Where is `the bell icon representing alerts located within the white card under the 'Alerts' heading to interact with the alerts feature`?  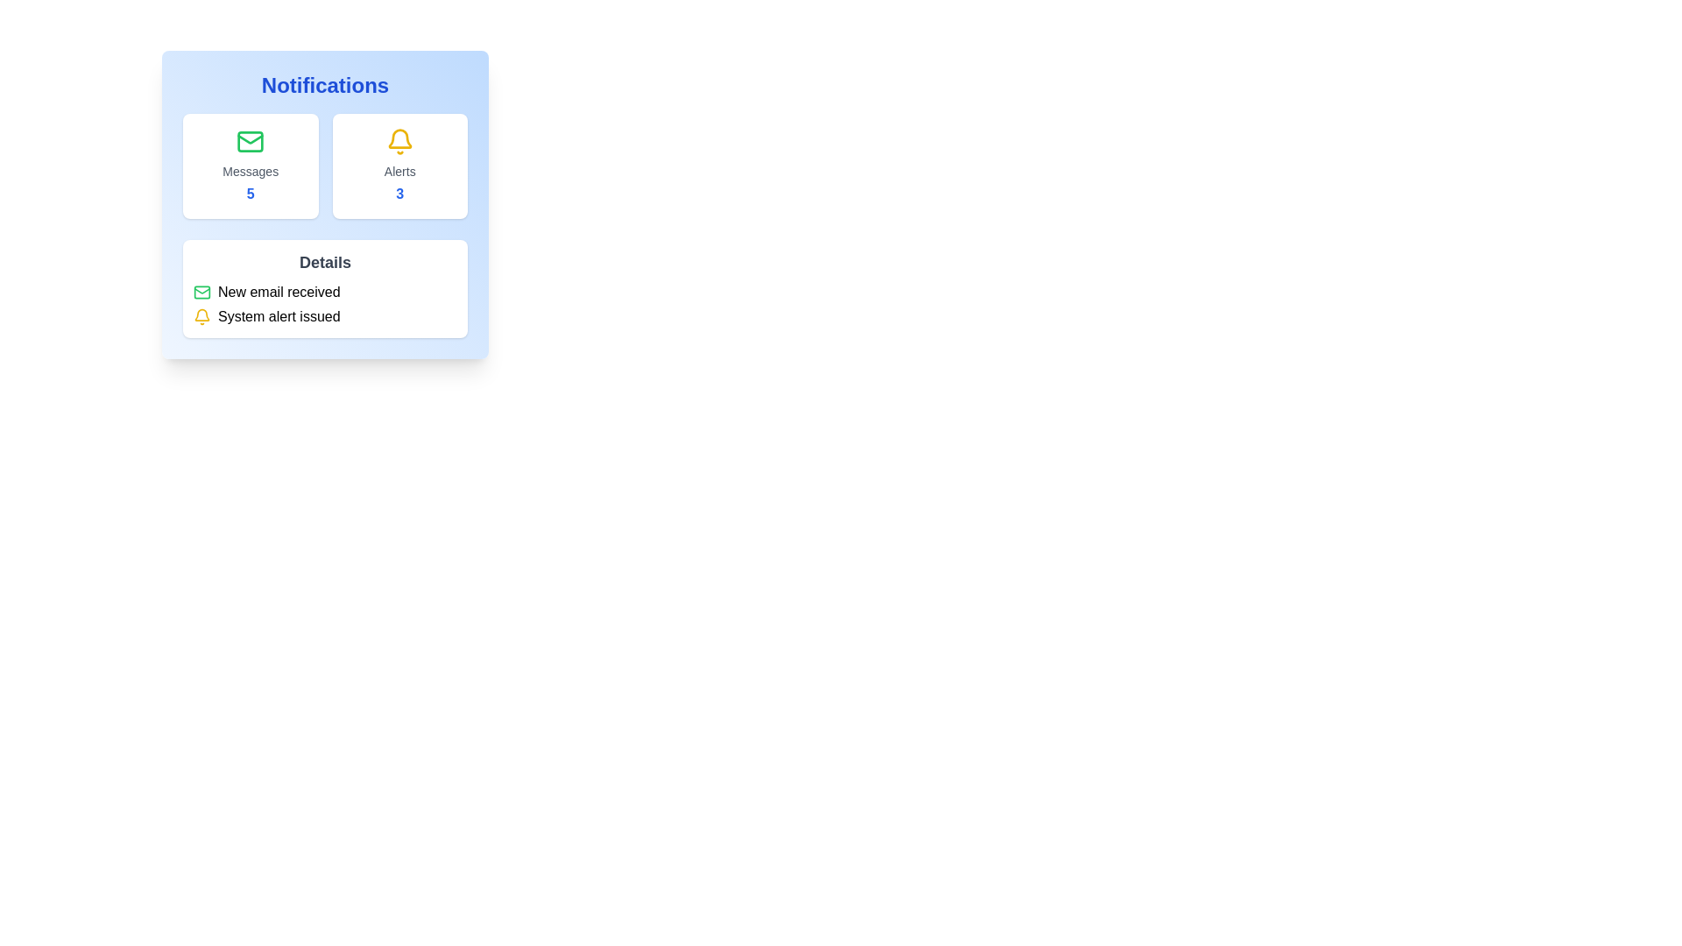 the bell icon representing alerts located within the white card under the 'Alerts' heading to interact with the alerts feature is located at coordinates (399, 141).